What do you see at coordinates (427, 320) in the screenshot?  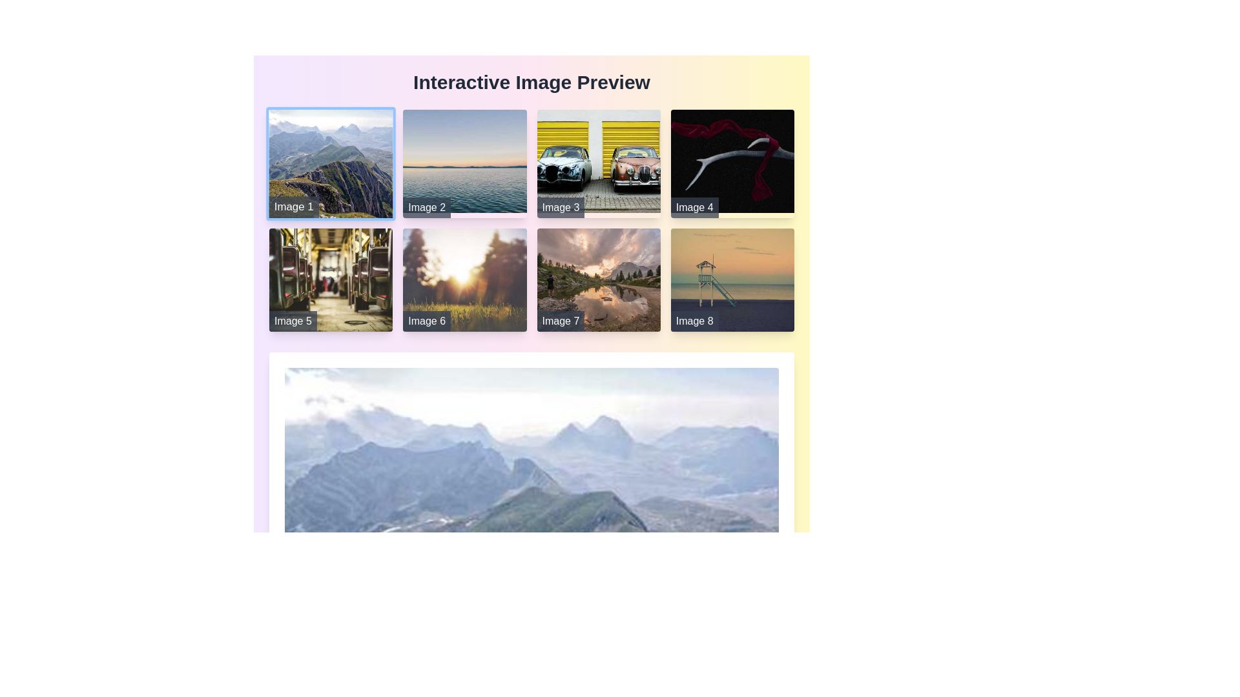 I see `text from the label overlaying the bottom-left corner of the image, which displays 'Image 6' in white font on a dark semi-transparent strip` at bounding box center [427, 320].